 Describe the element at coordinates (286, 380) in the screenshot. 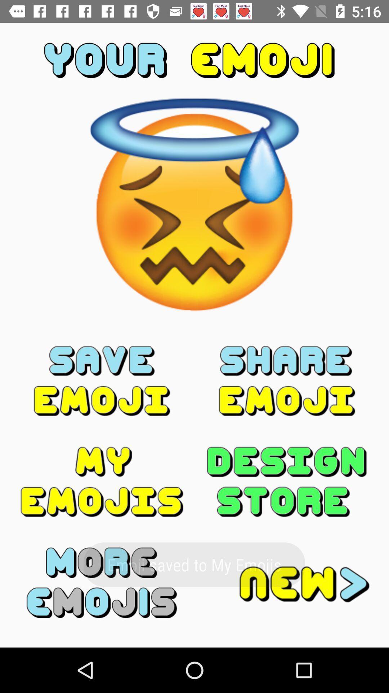

I see `share emoji button` at that location.